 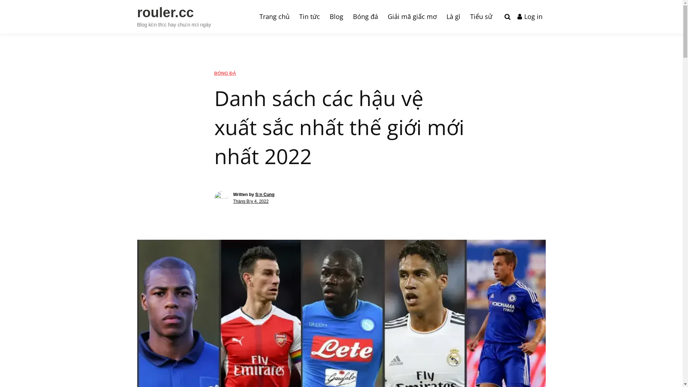 I want to click on 'rouler.cc', so click(x=164, y=12).